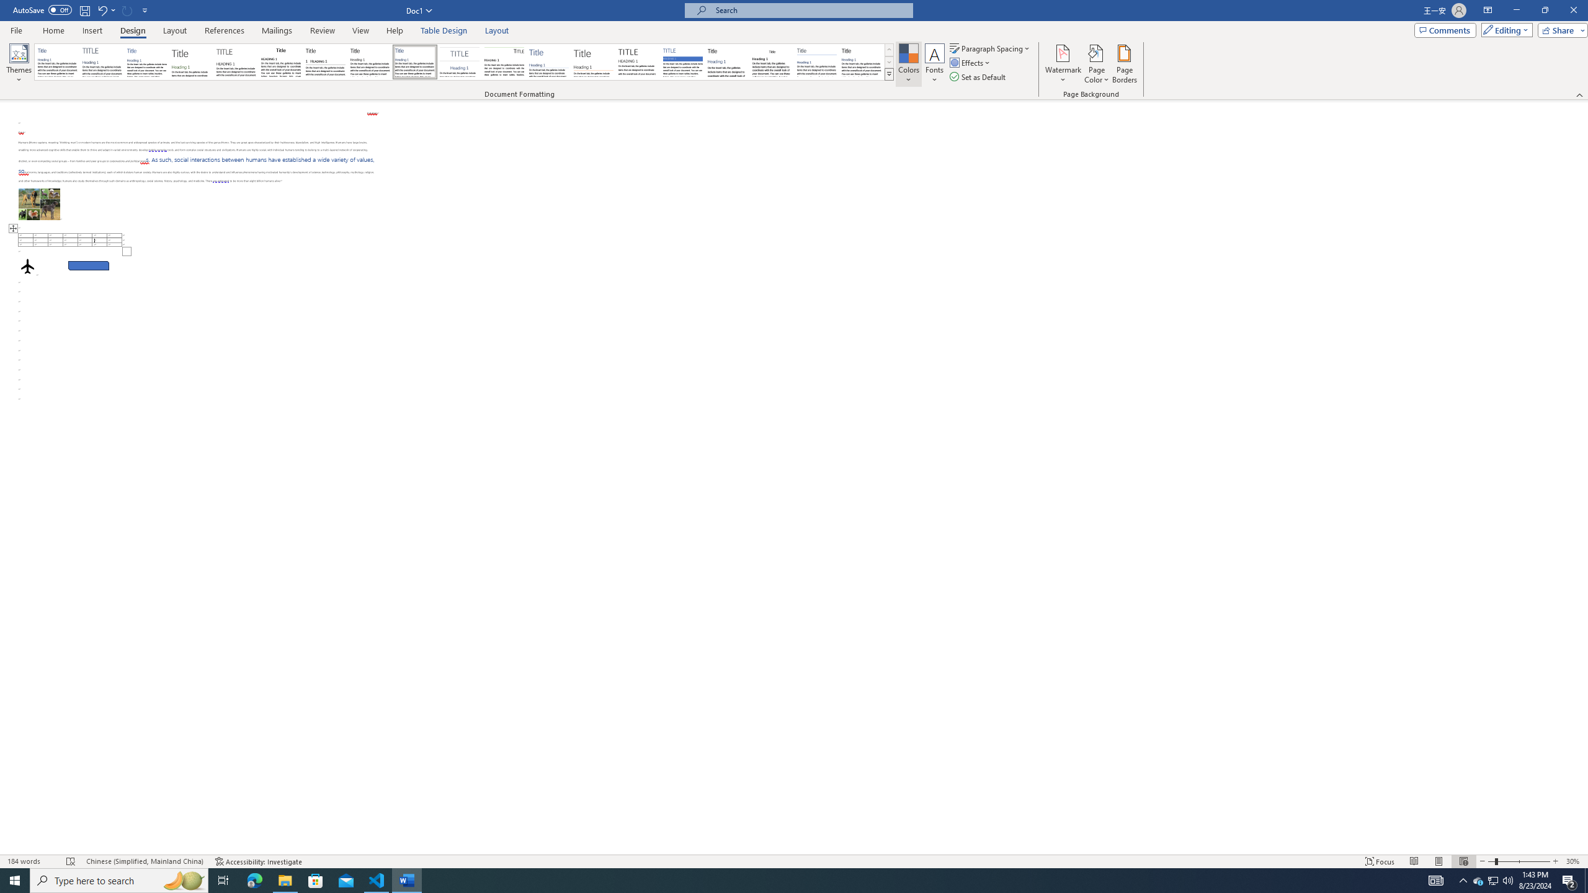  Describe the element at coordinates (18, 64) in the screenshot. I see `'Themes'` at that location.